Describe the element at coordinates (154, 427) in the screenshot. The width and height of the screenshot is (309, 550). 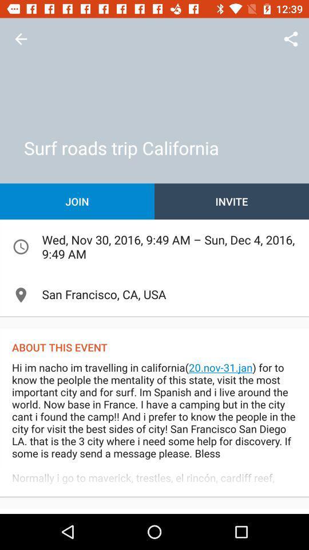
I see `hi im nacho icon` at that location.